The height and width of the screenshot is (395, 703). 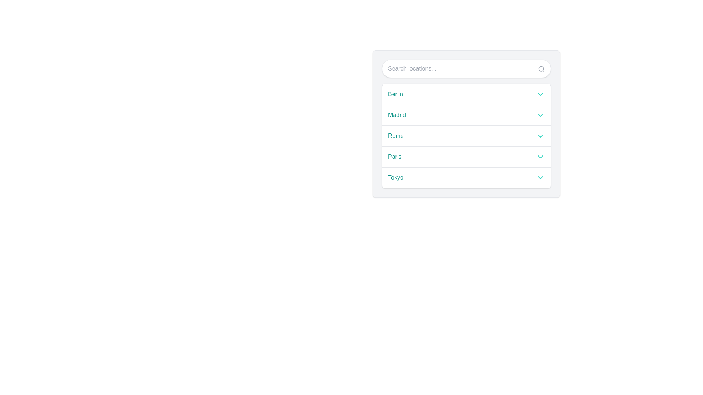 I want to click on the search icon, which is a gray magnifying glass icon located at the top-right of the search bar, characterized by its minimalistic design and 24x24 pixel size, so click(x=541, y=69).